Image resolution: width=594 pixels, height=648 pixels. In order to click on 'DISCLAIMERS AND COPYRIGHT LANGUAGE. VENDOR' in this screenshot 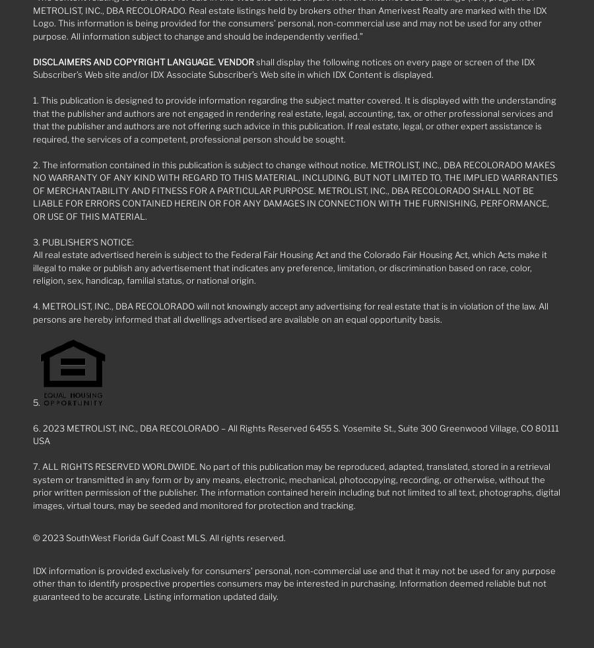, I will do `click(143, 60)`.